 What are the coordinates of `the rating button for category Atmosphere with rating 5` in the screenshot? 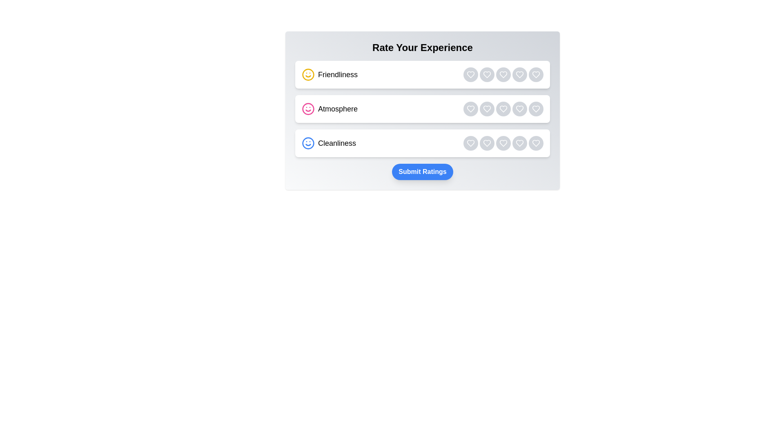 It's located at (536, 108).